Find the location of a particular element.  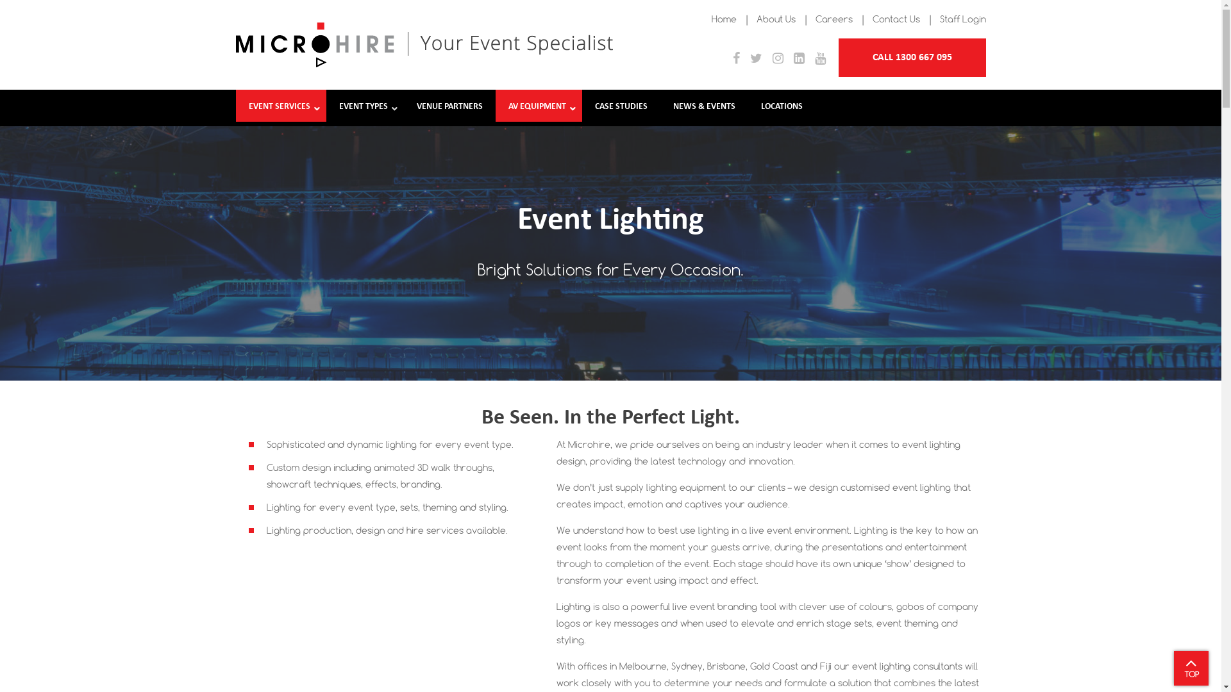

'AV EQUIPMENT' is located at coordinates (494, 107).